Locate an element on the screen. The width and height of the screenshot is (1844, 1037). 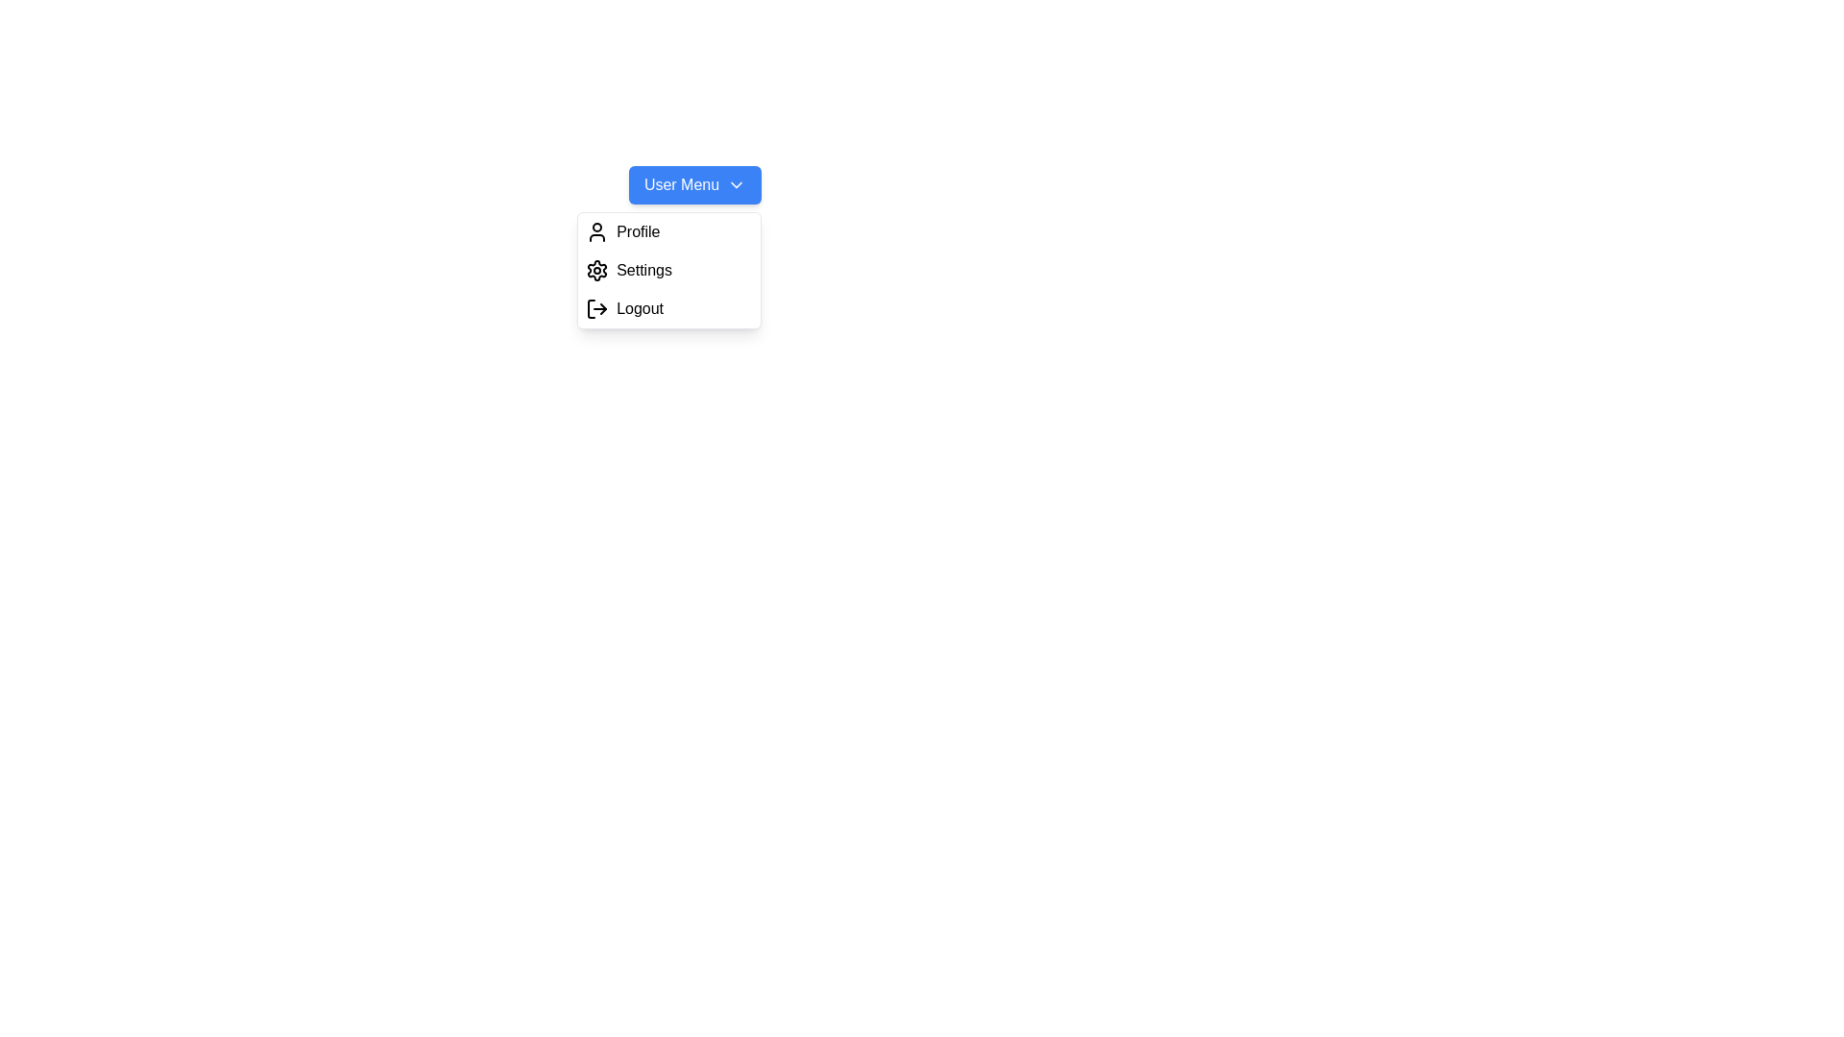
the gear-like settings icon located in the second menu option of the dropdown menu to trigger focus effects is located at coordinates (596, 270).